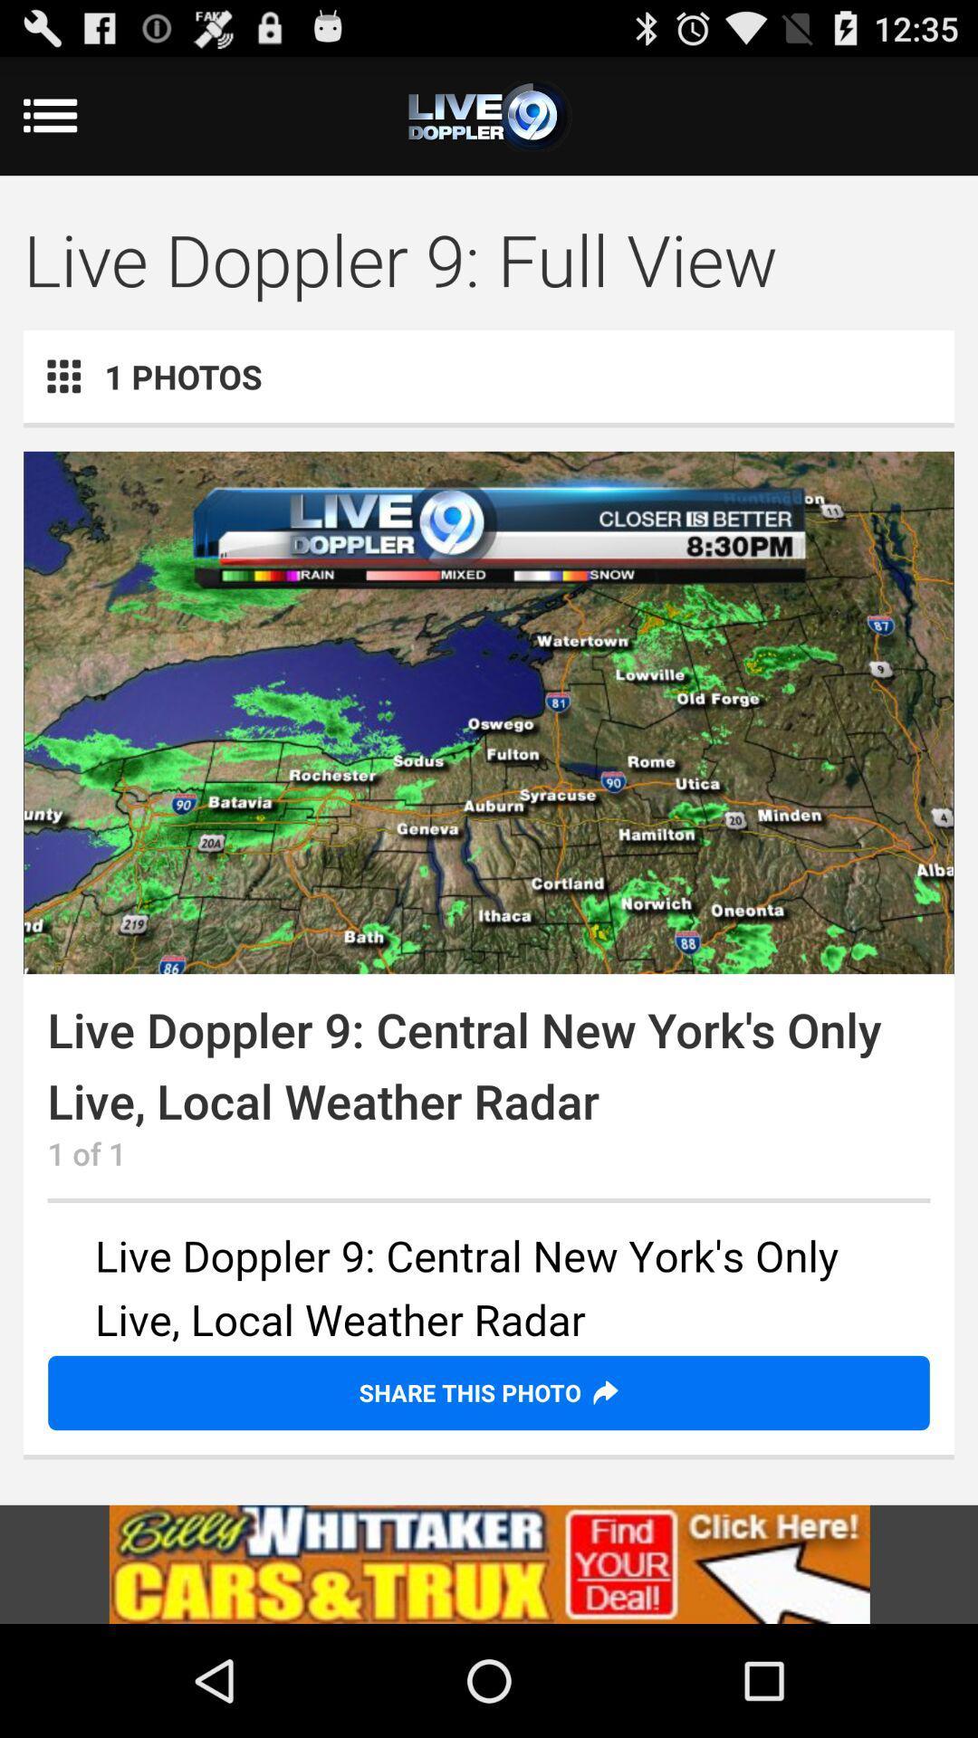  What do you see at coordinates (489, 711) in the screenshot?
I see `color print` at bounding box center [489, 711].